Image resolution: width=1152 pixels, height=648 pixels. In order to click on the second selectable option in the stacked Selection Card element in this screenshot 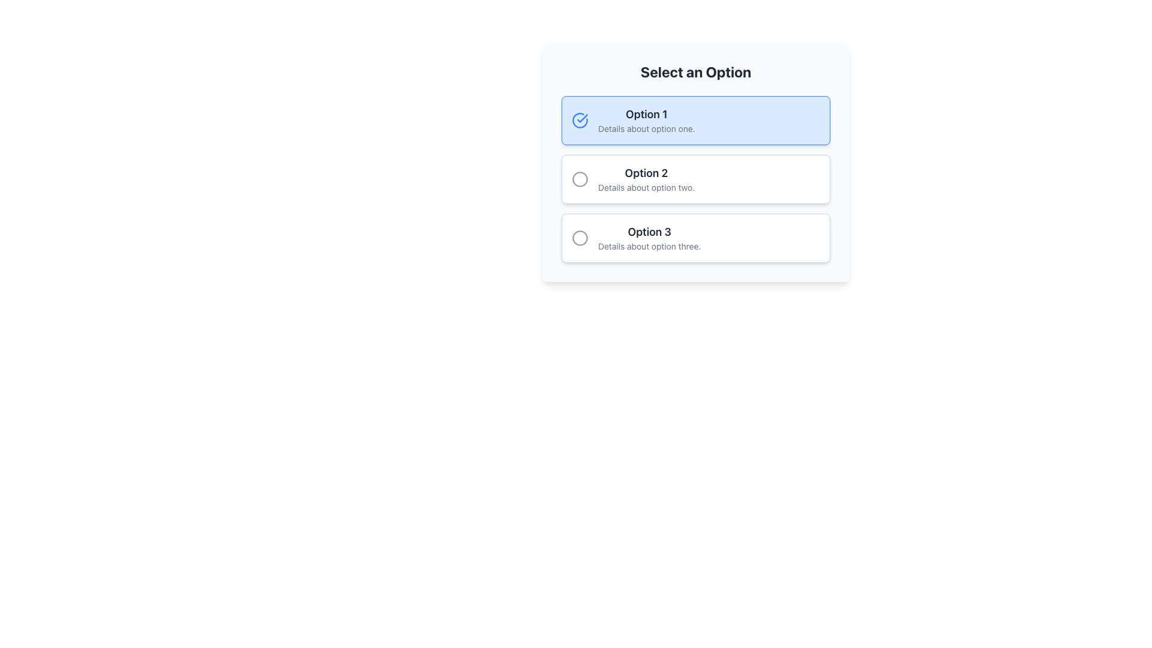, I will do `click(696, 179)`.